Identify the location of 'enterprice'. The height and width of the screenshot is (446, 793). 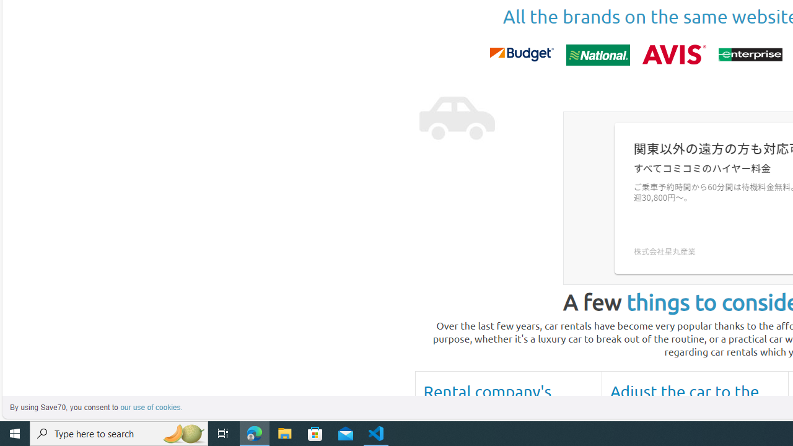
(749, 54).